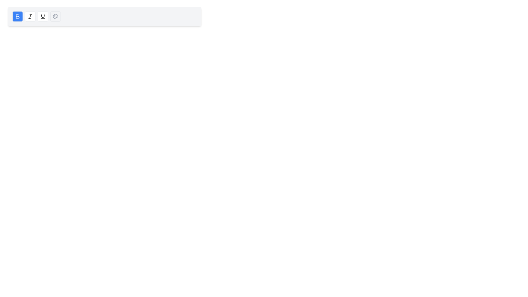 The width and height of the screenshot is (528, 297). I want to click on the italic 'I' button located between the 'B' and 'U' buttons, so click(30, 16).